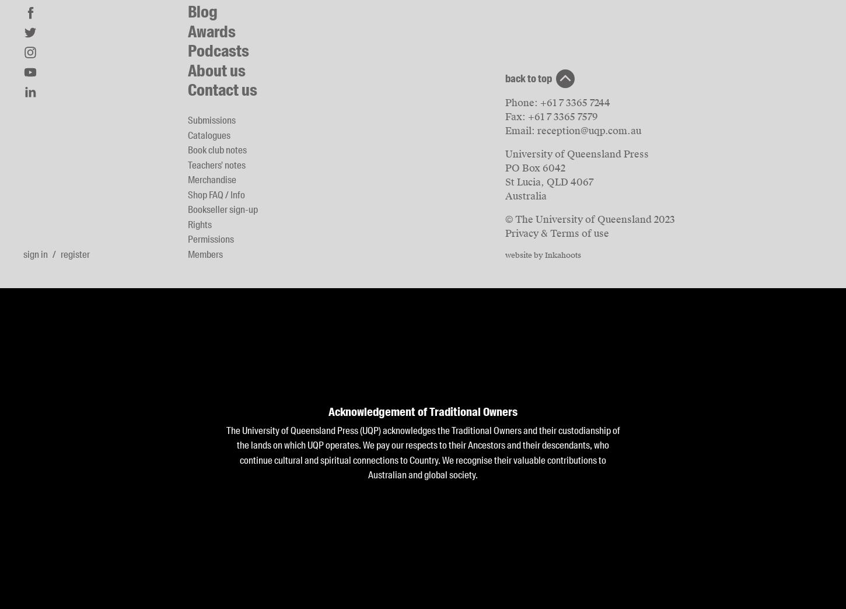 This screenshot has height=609, width=846. What do you see at coordinates (663, 219) in the screenshot?
I see `'2023'` at bounding box center [663, 219].